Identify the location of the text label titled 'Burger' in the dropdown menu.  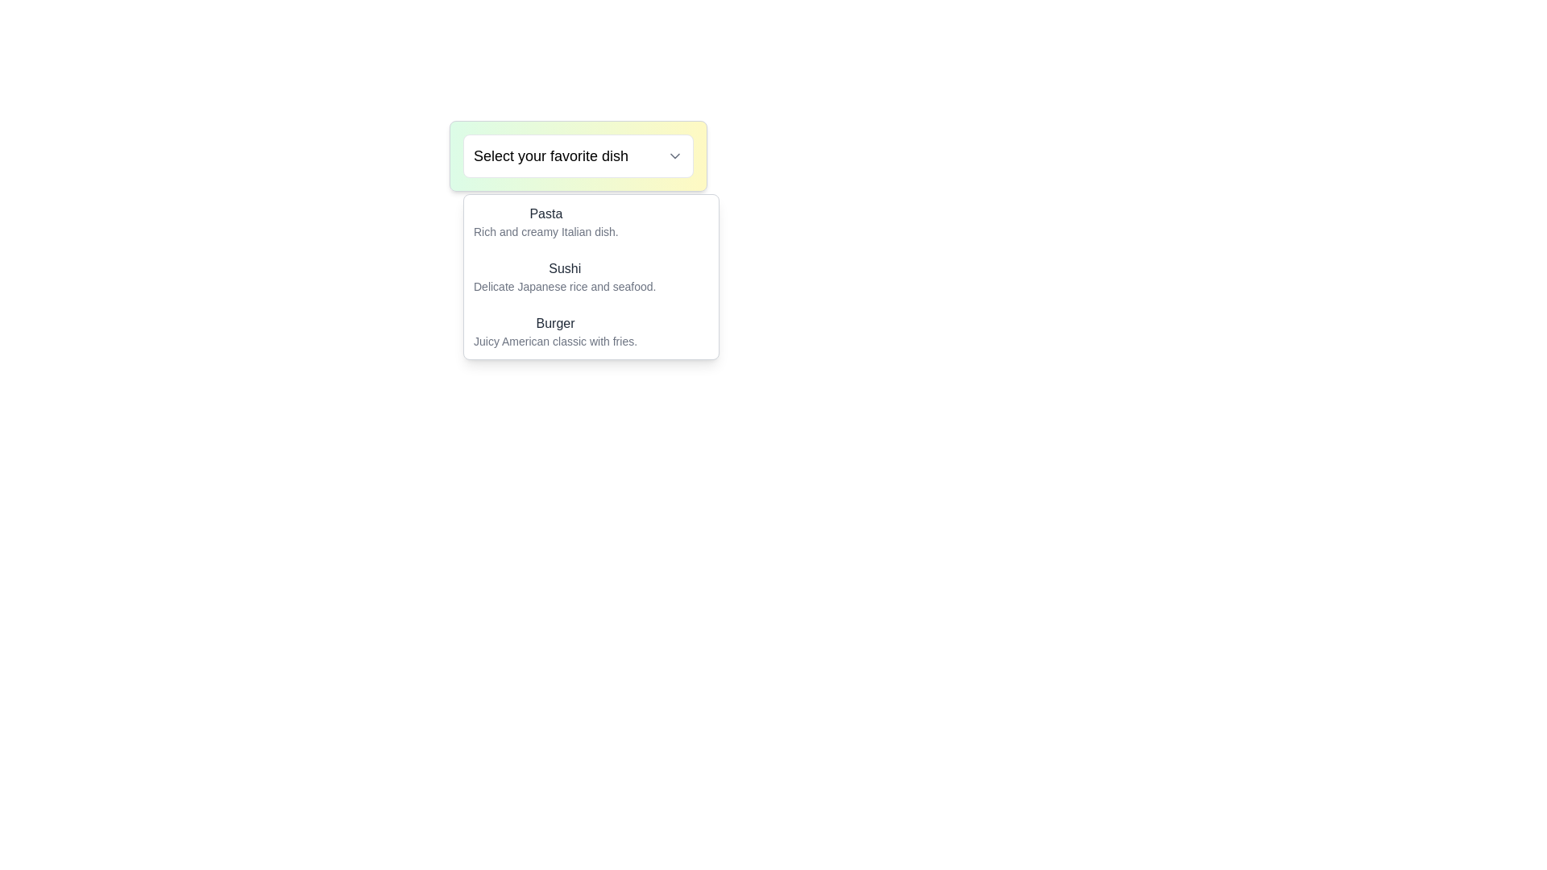
(555, 323).